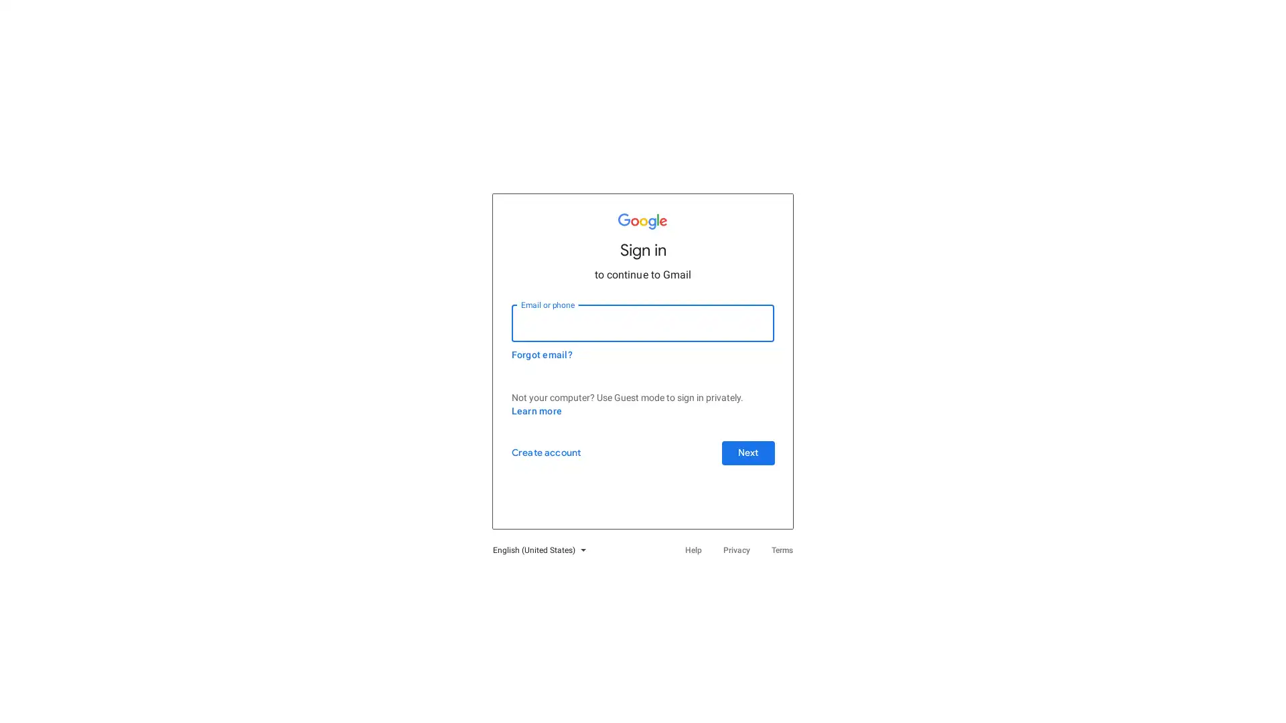 This screenshot has width=1286, height=723. I want to click on Forgot email?, so click(550, 366).